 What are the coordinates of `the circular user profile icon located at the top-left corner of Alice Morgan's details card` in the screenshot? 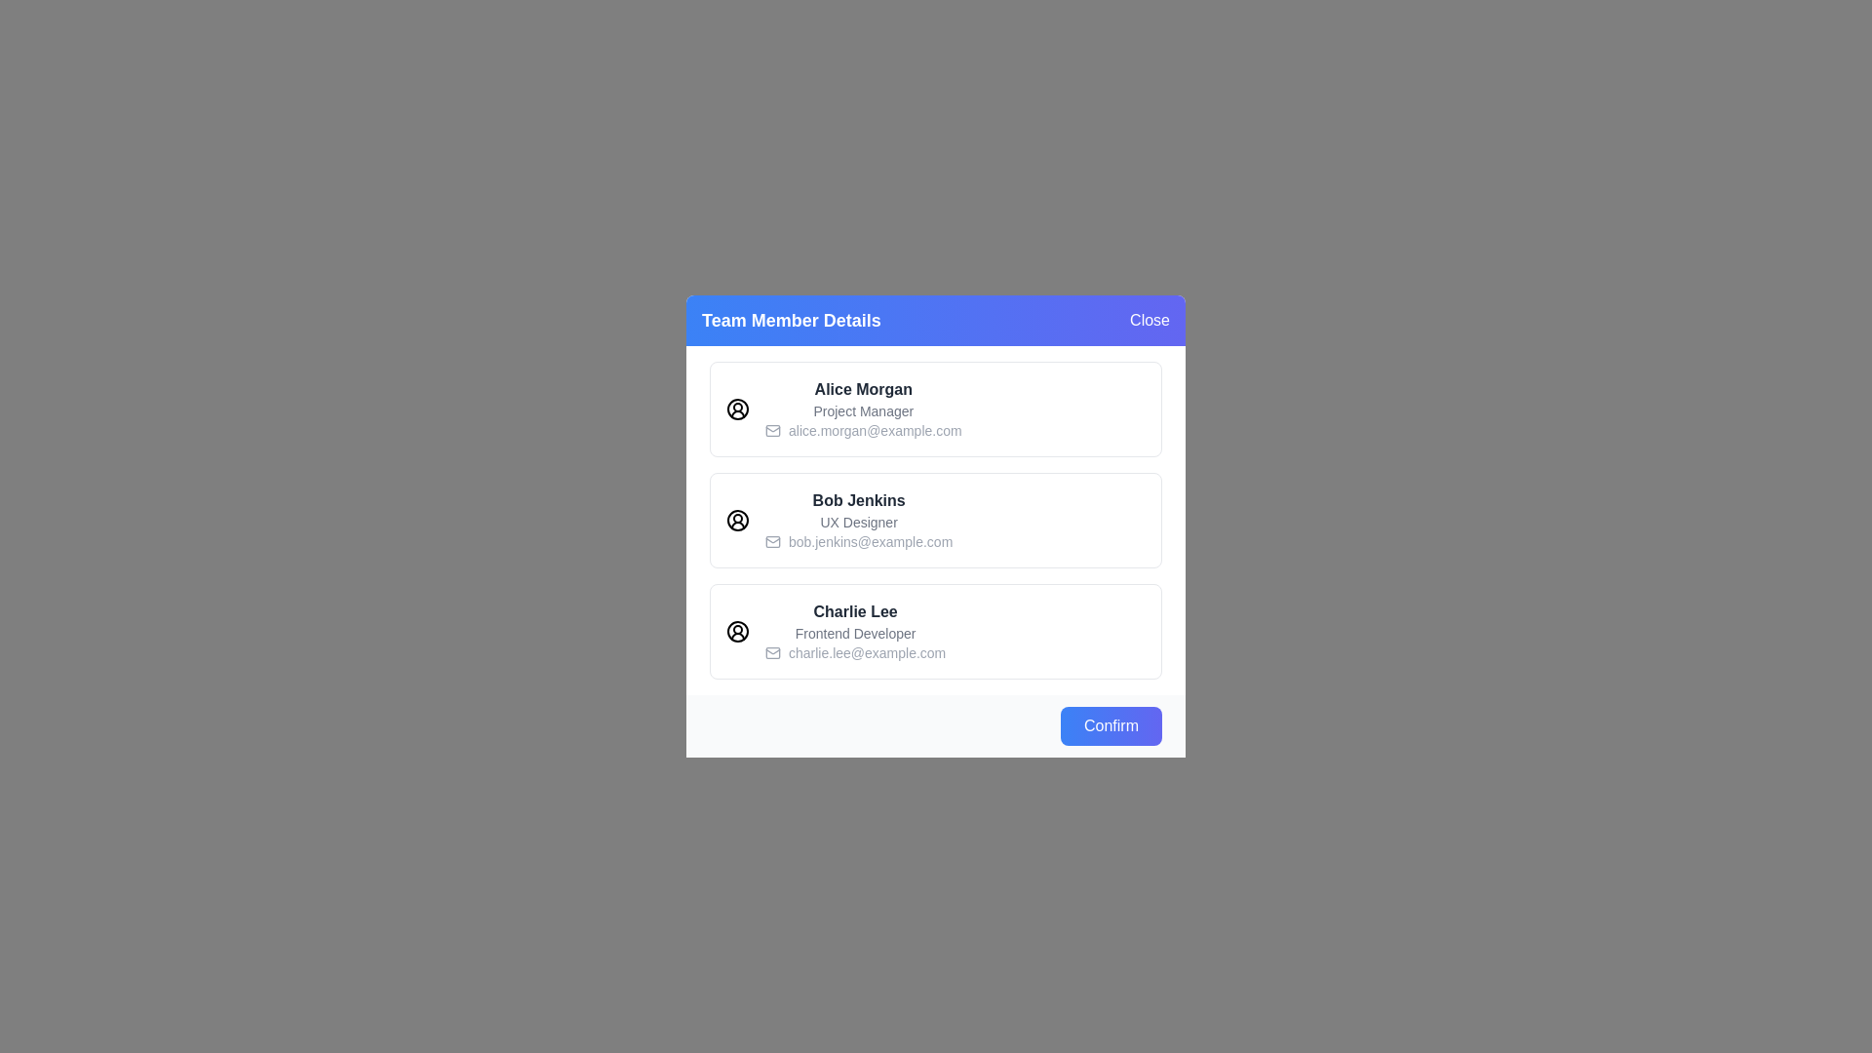 It's located at (737, 409).